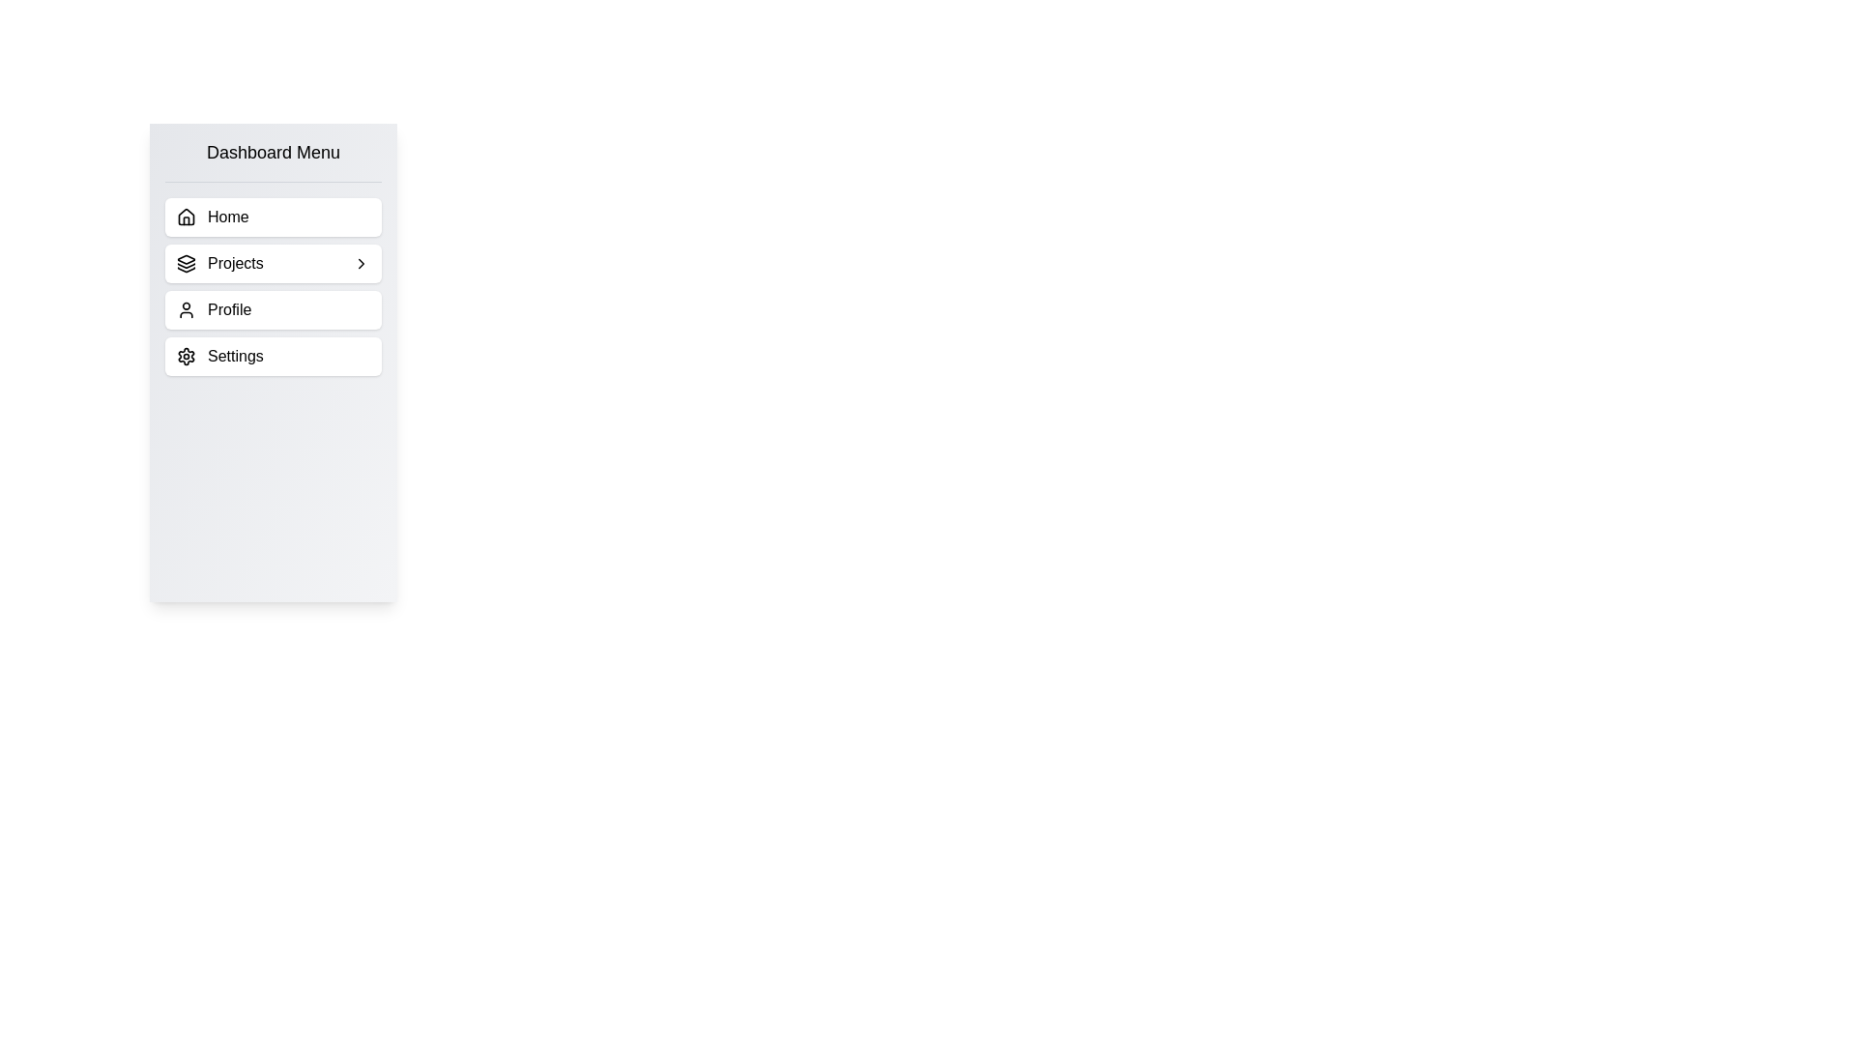 This screenshot has width=1856, height=1044. I want to click on the user profile icon, which is a circular head and shoulders outline located to the left of the 'Profile' label, so click(186, 308).